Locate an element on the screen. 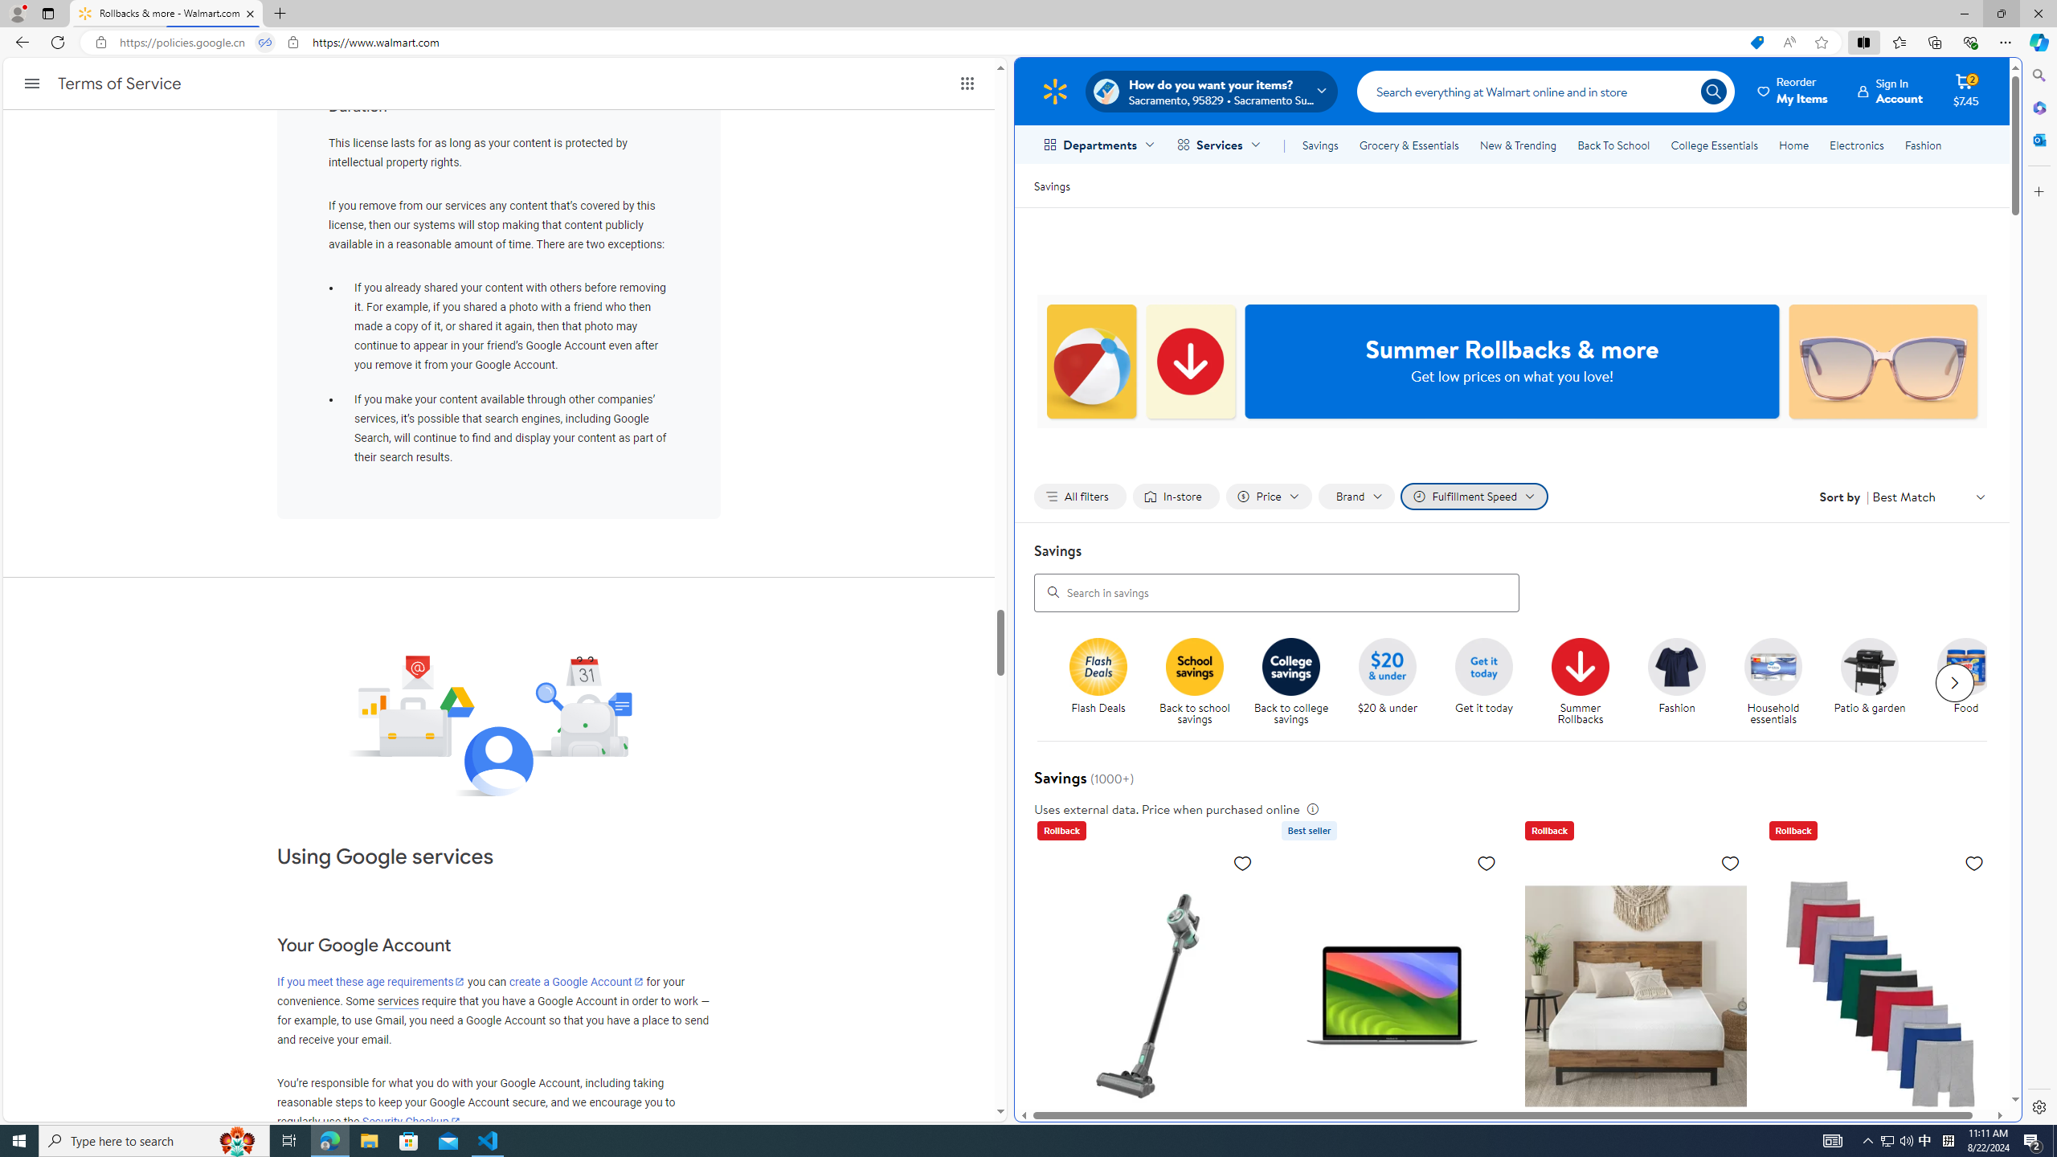 The height and width of the screenshot is (1157, 2057). 'Back To School' is located at coordinates (1613, 145).